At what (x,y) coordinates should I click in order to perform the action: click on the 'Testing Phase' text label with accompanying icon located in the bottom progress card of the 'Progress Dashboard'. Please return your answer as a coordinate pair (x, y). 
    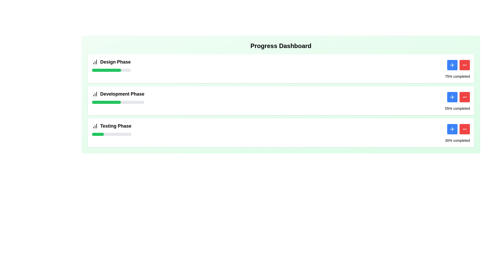
    Looking at the image, I should click on (111, 129).